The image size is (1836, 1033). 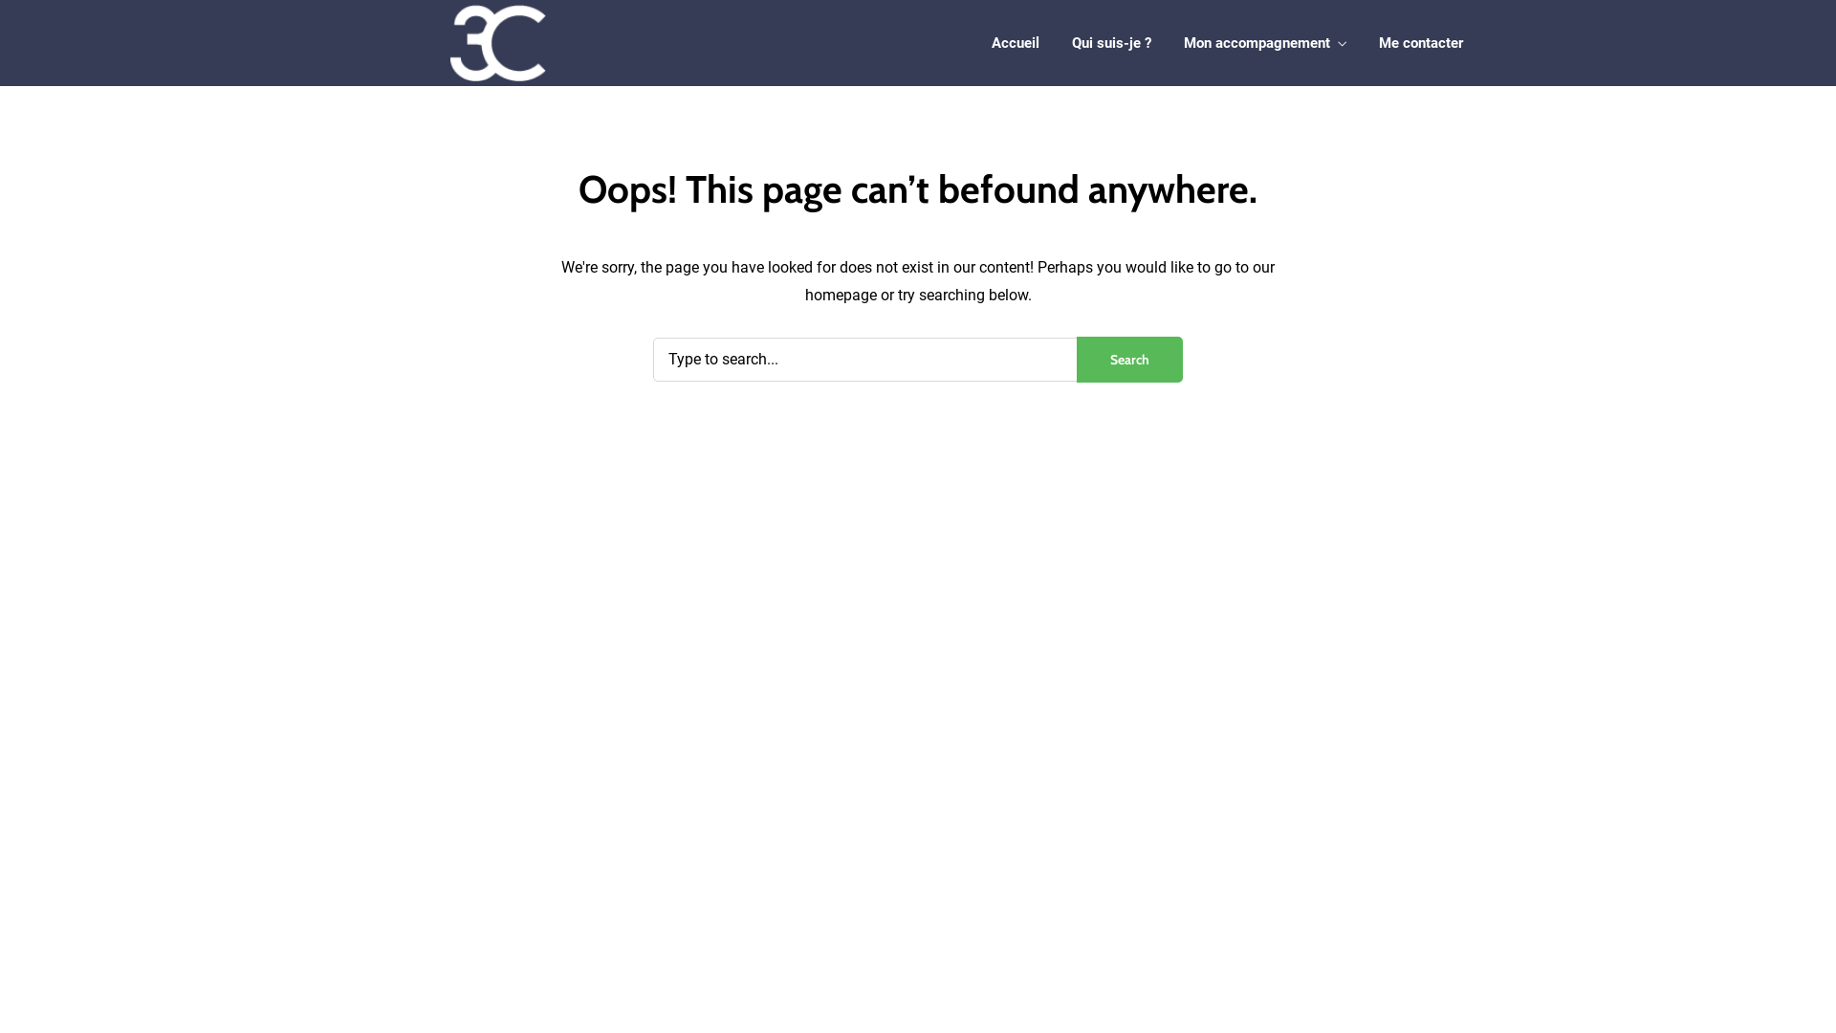 I want to click on 'Me contacter', so click(x=1421, y=43).